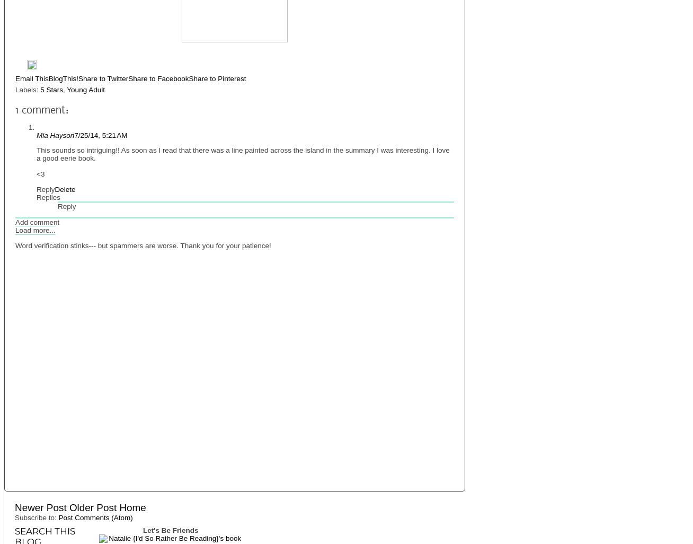 Image resolution: width=693 pixels, height=544 pixels. Describe the element at coordinates (28, 89) in the screenshot. I see `'Labels:'` at that location.